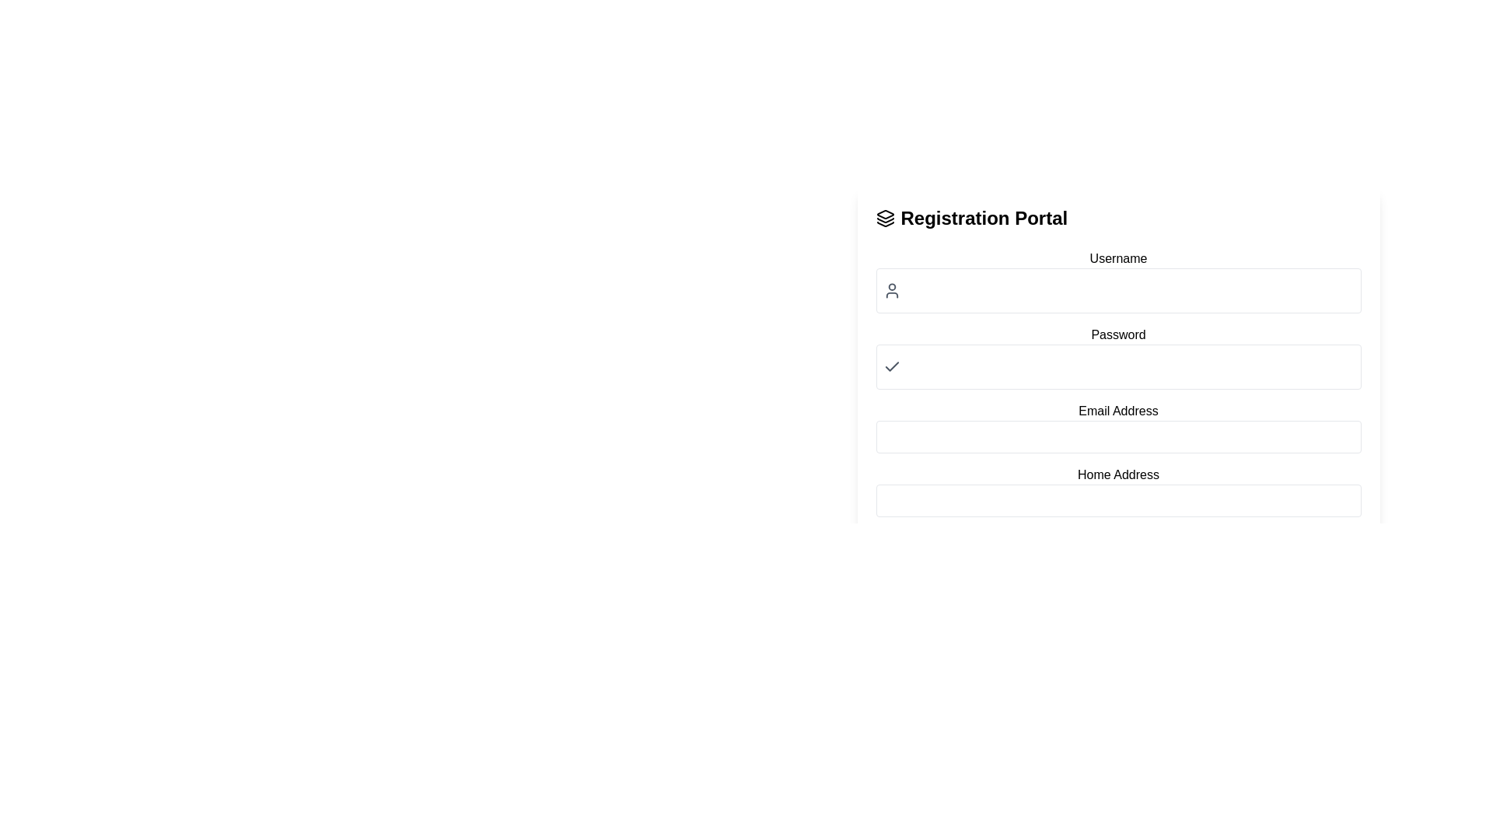 The height and width of the screenshot is (840, 1493). What do you see at coordinates (1117, 334) in the screenshot?
I see `the 'Password' label to focus the associated password input field located directly below it in the form layout` at bounding box center [1117, 334].